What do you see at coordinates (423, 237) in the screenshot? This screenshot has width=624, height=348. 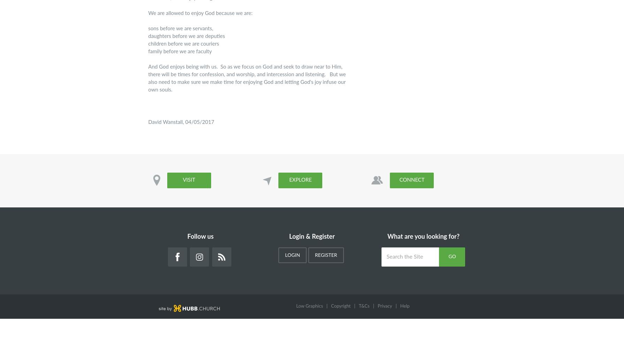 I see `'What are you looking for?'` at bounding box center [423, 237].